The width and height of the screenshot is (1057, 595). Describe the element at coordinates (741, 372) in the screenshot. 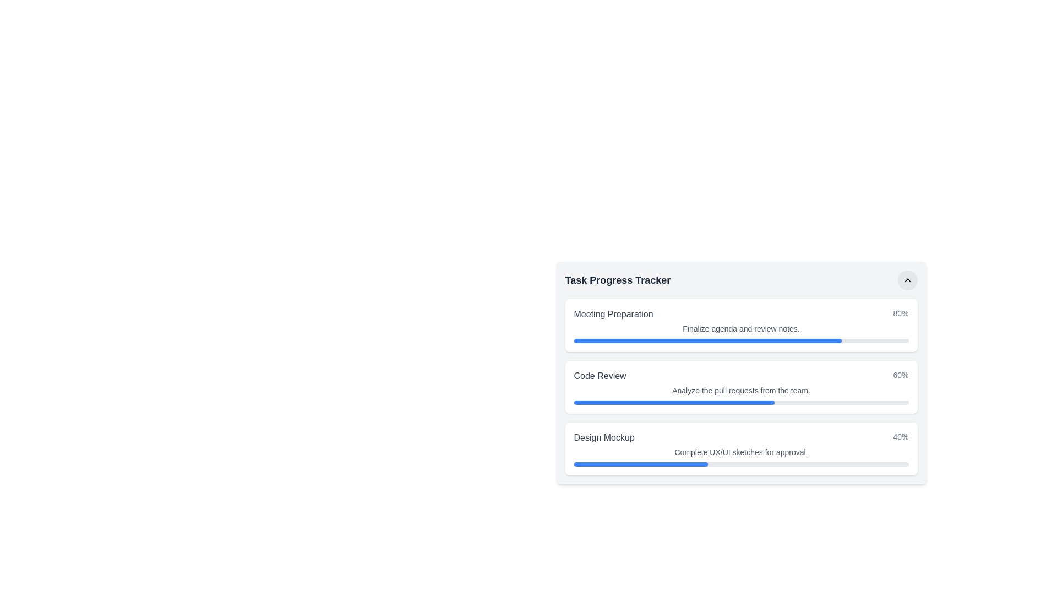

I see `the titles within the 'Task Progress Tracker' section, which is a light gray box with rounded corners containing three progress cards` at that location.